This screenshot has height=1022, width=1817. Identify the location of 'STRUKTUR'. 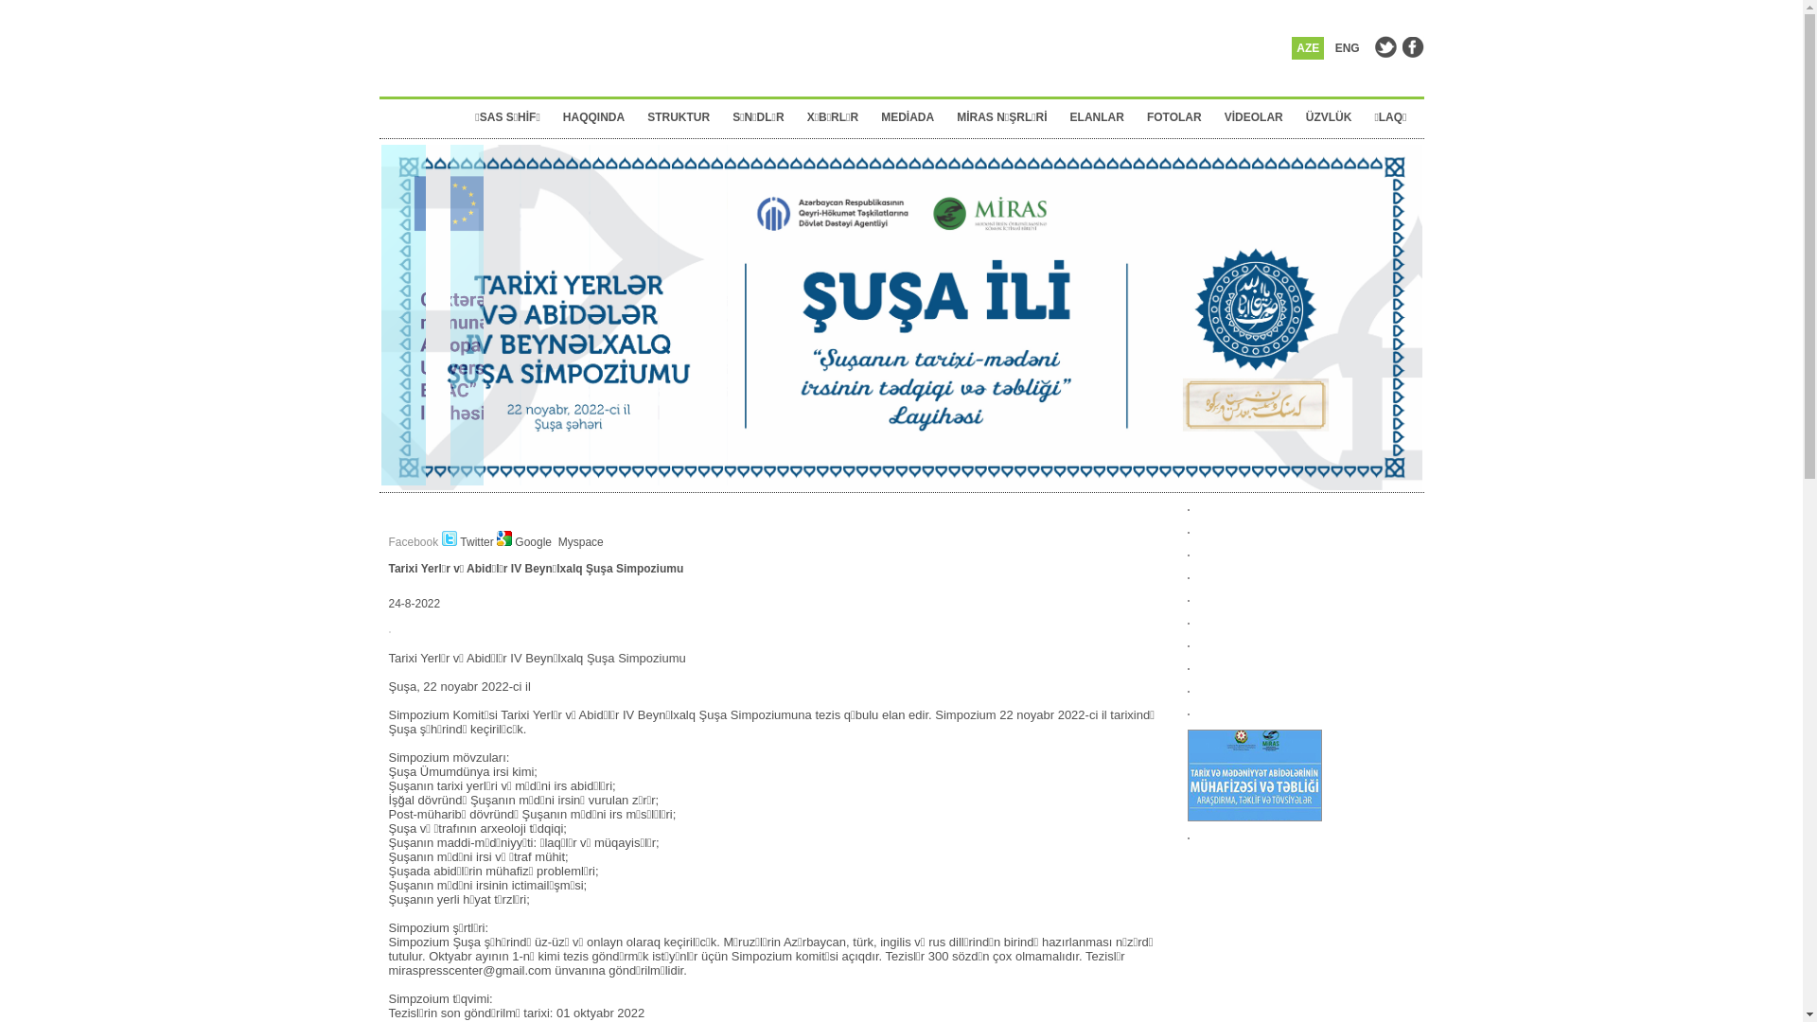
(683, 116).